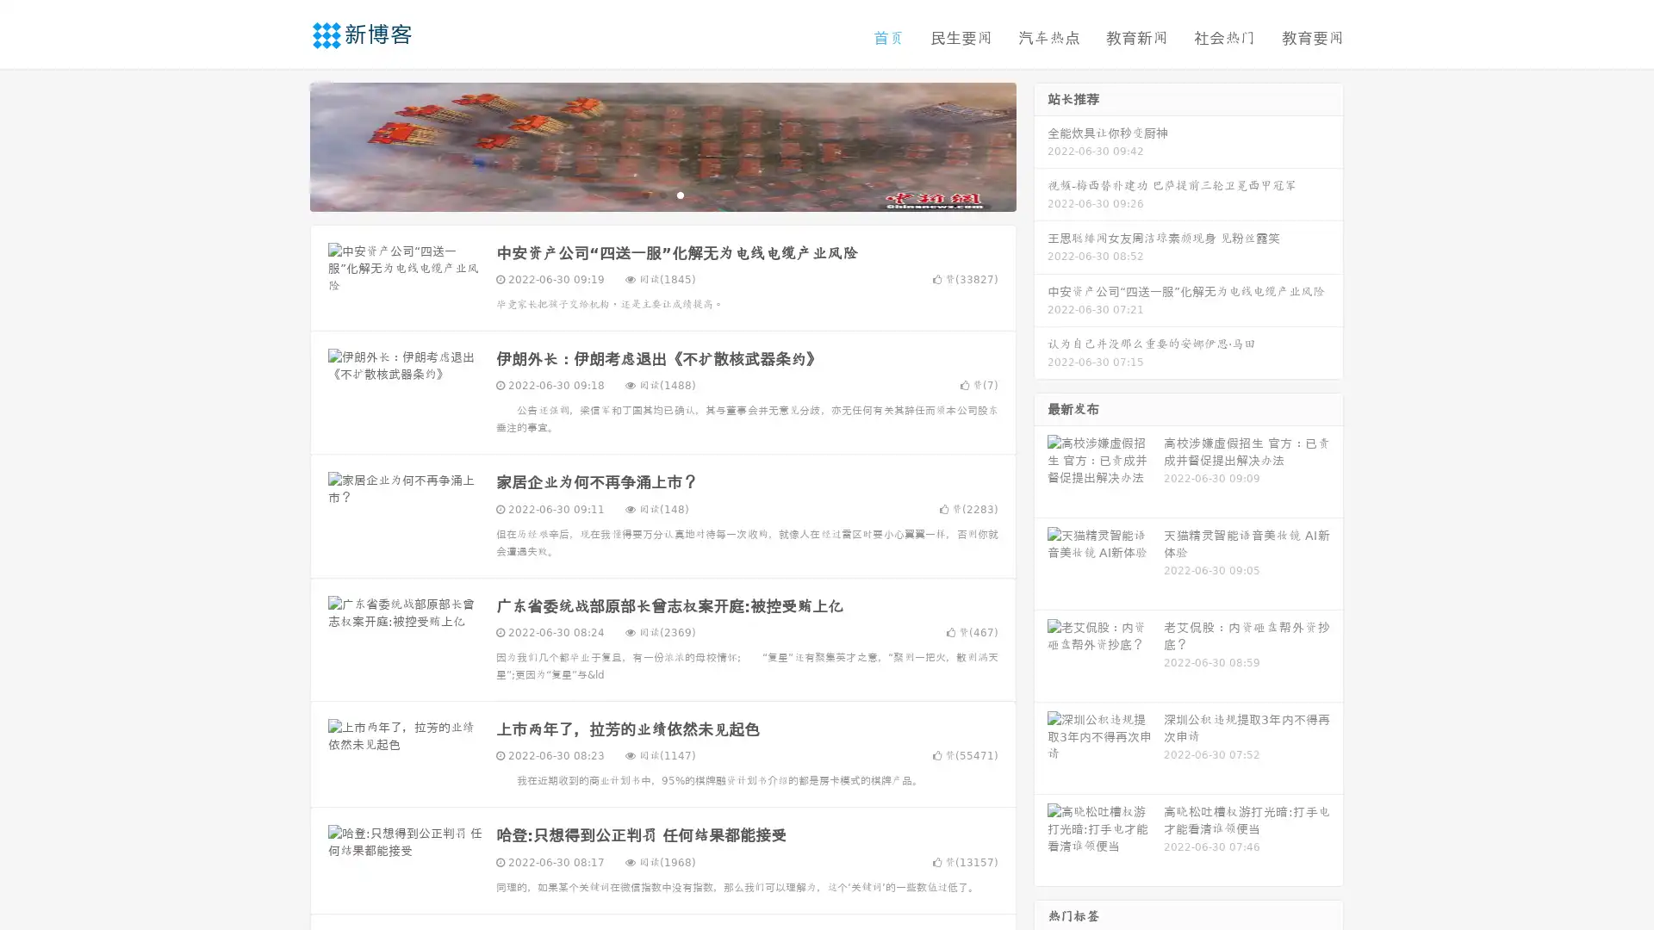 Image resolution: width=1654 pixels, height=930 pixels. I want to click on Next slide, so click(1041, 145).